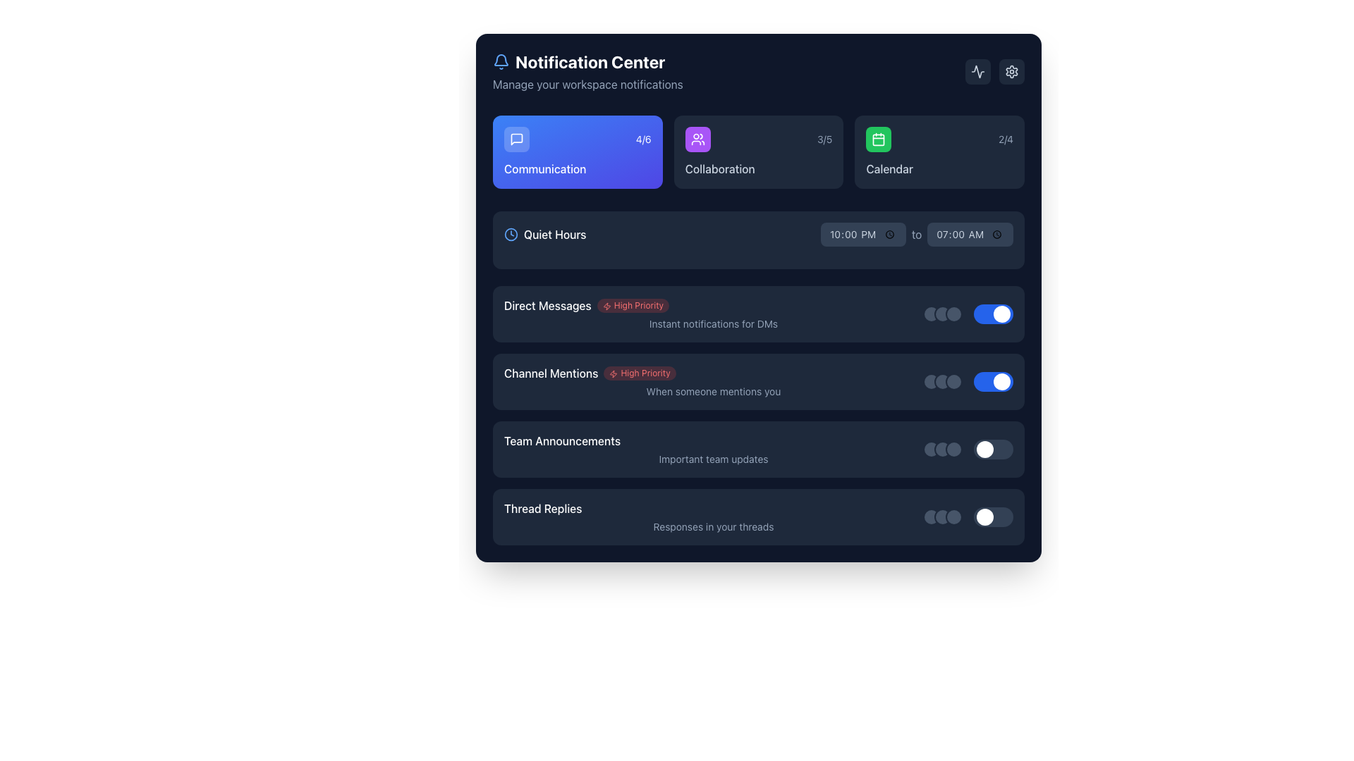  Describe the element at coordinates (977, 71) in the screenshot. I see `the activity dashboard button located in the top-right area of the interface` at that location.